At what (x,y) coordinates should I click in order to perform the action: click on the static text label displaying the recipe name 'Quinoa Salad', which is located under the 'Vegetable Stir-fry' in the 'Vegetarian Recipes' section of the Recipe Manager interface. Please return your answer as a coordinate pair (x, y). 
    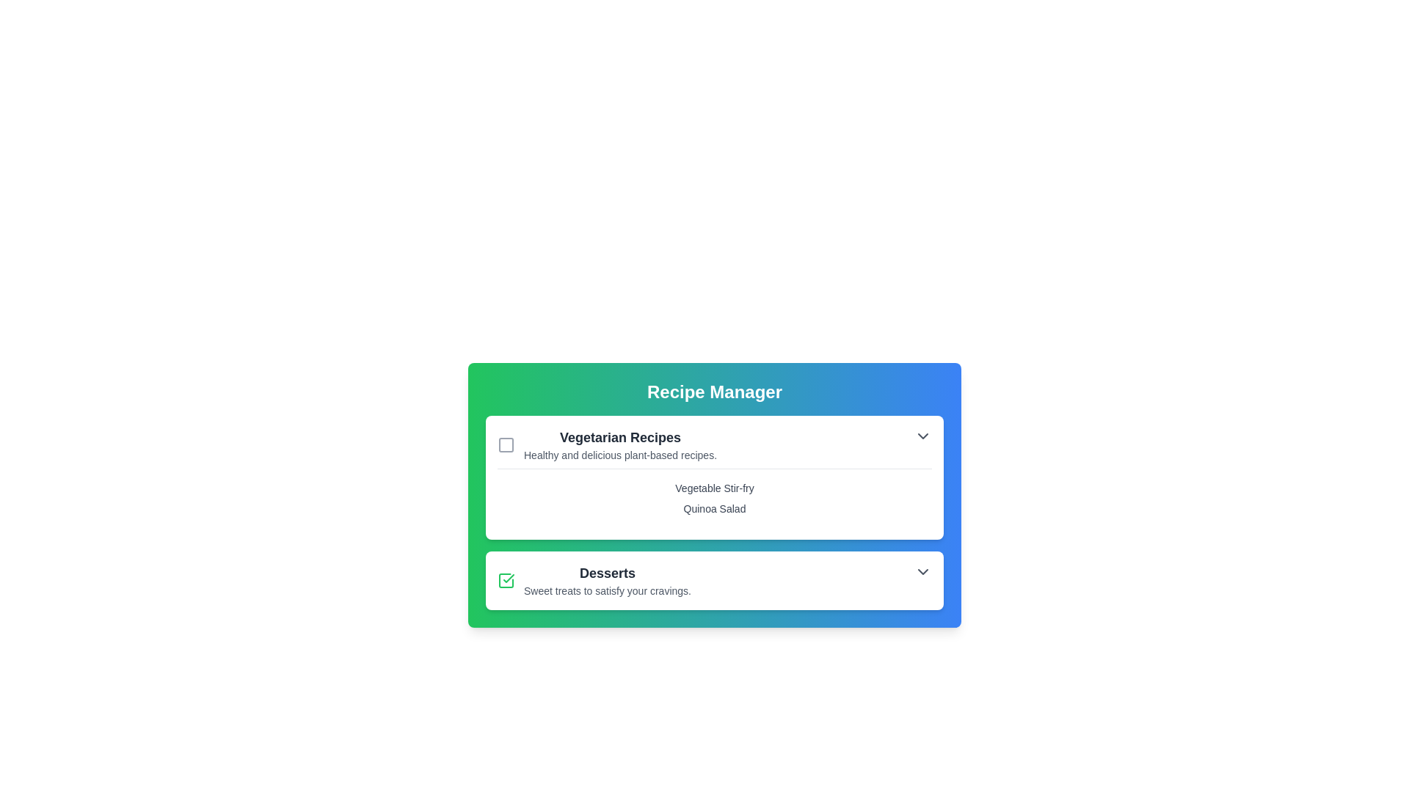
    Looking at the image, I should click on (715, 508).